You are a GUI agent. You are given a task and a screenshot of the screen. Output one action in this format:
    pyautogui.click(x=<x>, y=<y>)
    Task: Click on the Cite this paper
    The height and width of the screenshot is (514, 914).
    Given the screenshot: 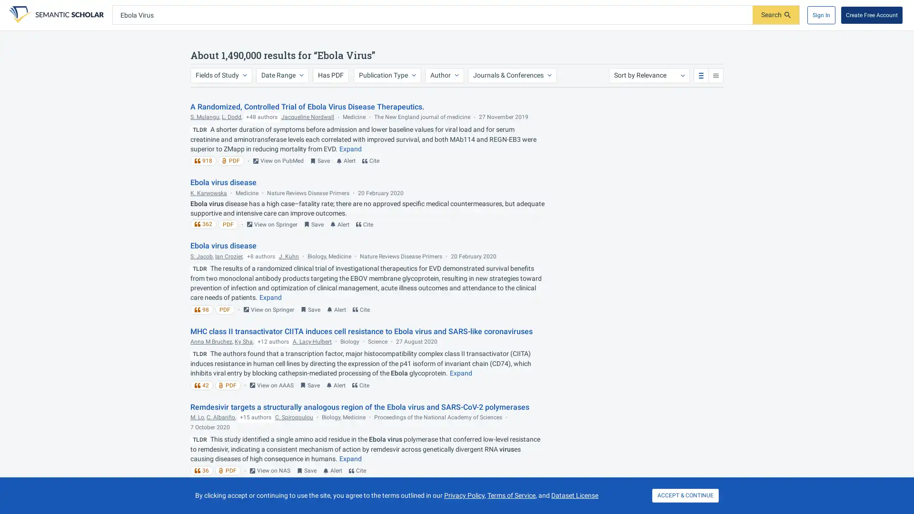 What is the action you would take?
    pyautogui.click(x=364, y=224)
    